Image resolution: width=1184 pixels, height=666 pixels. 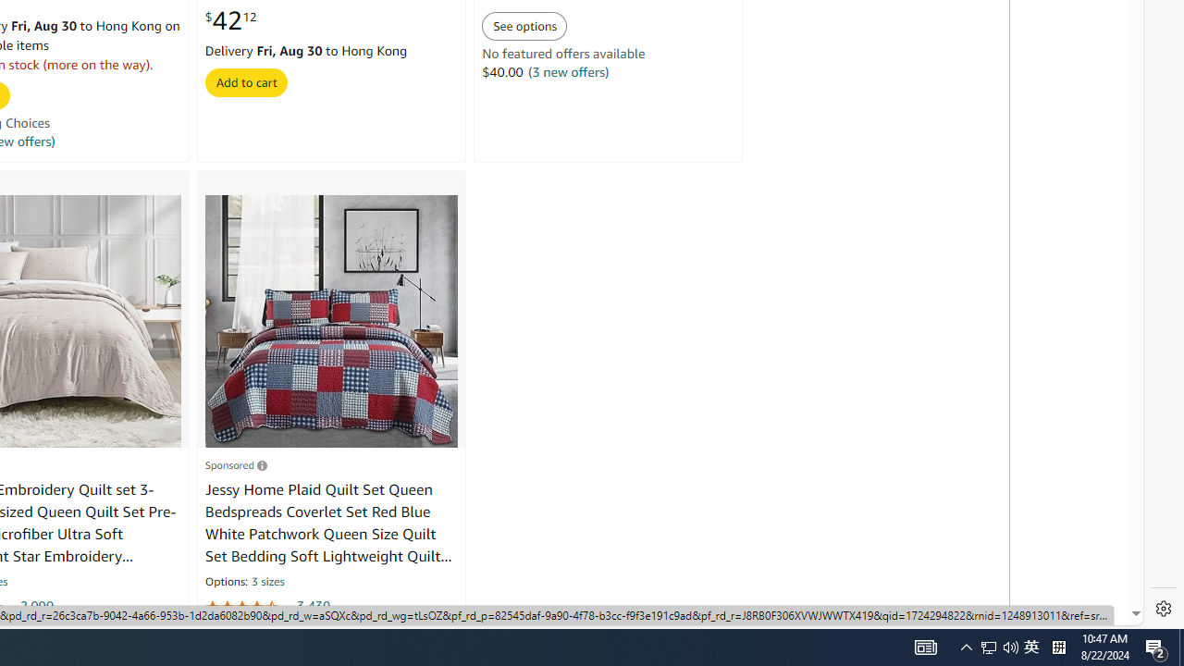 I want to click on '$42.12', so click(x=229, y=21).